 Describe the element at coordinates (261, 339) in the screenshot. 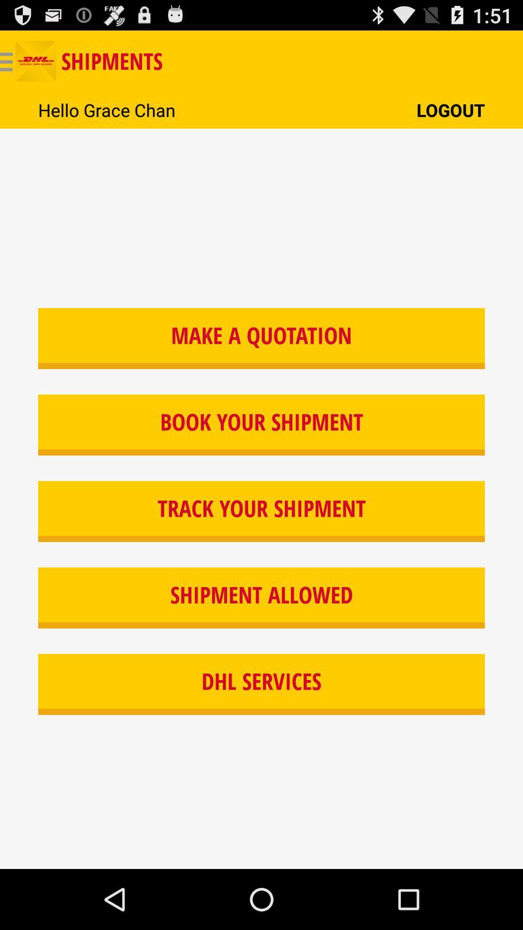

I see `item below hello grace chan icon` at that location.